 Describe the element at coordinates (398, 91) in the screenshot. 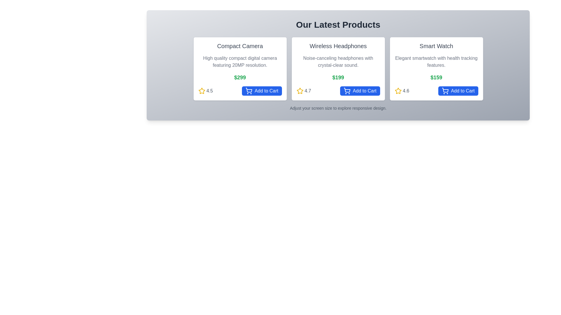

I see `the star icon with a yellow outline that represents the rating symbol, which is located to the left of the numeric rating '4.6' in the third product card from the left` at that location.